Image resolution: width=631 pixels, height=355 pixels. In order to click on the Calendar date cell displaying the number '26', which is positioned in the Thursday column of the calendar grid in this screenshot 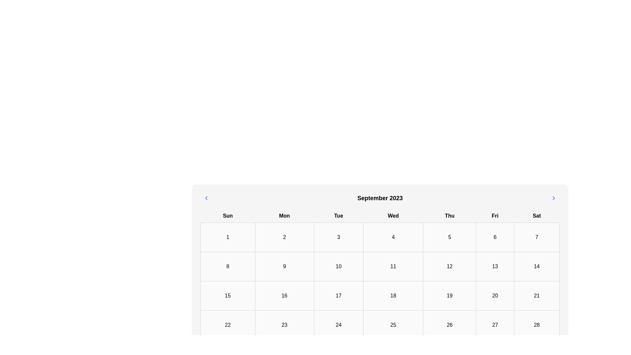, I will do `click(449, 324)`.